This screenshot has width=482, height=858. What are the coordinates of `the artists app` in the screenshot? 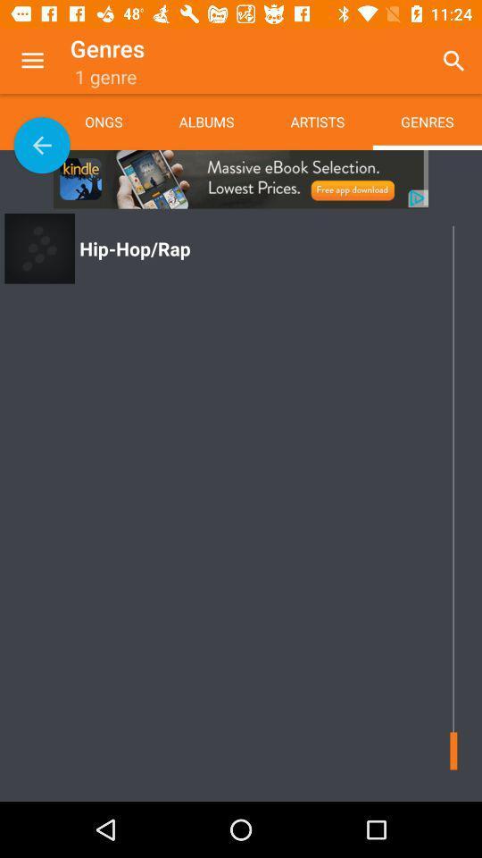 It's located at (316, 121).